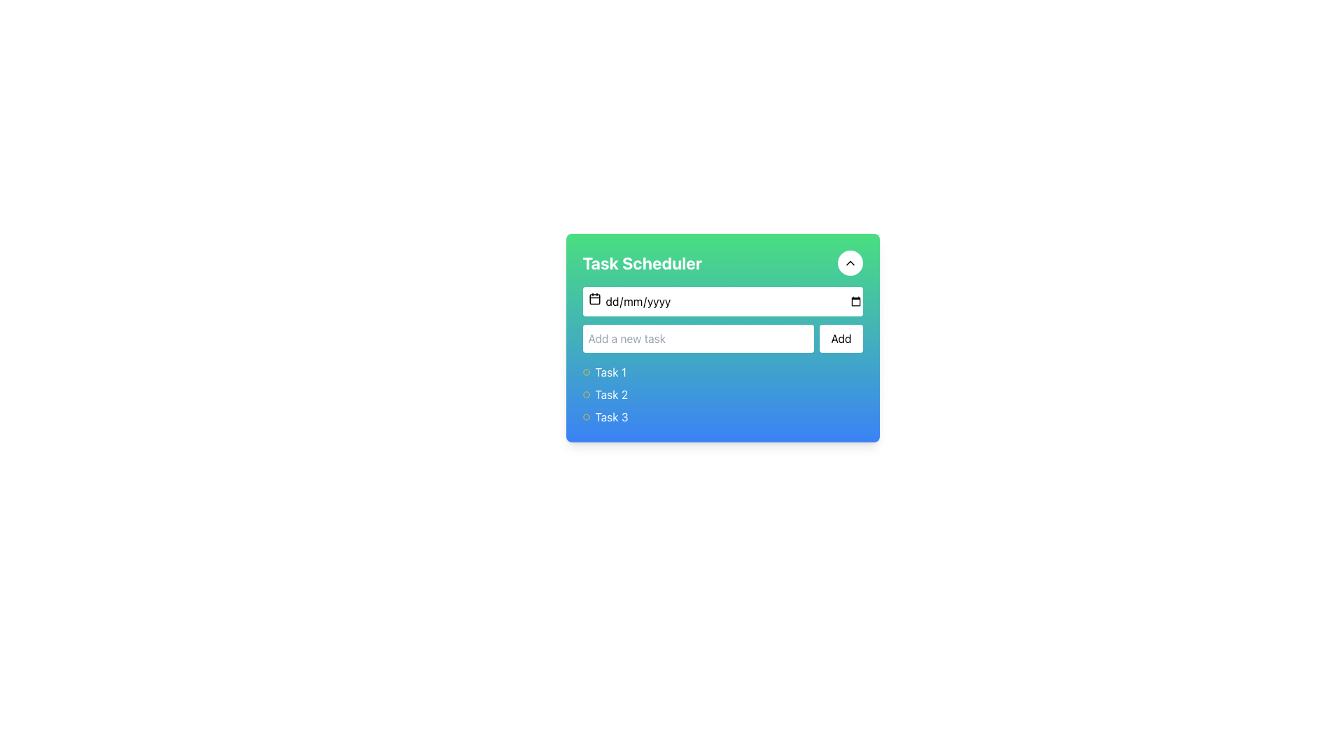  Describe the element at coordinates (586, 416) in the screenshot. I see `the small circular yellow icon that resembles a highlighted task indicator, located to the left of the text 'Task 3' in the Task Scheduler interface` at that location.